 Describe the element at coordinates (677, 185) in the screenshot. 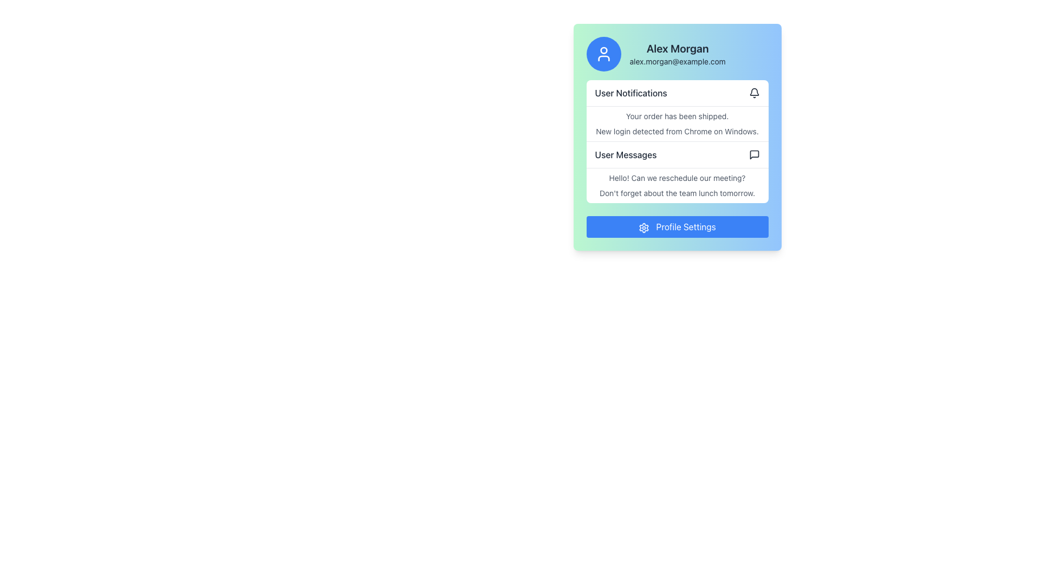

I see `the second message block in the 'User Messages' section, located beneath the 'User Notifications' section, which conveys user messages or notifications` at that location.